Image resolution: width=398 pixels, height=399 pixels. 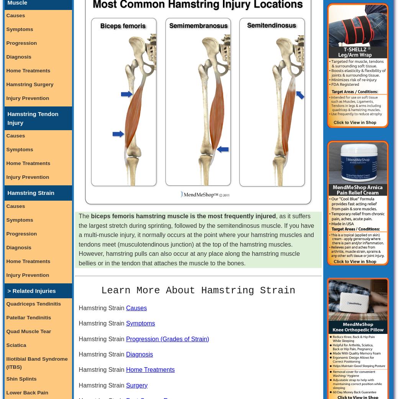 I want to click on 'Sciatica', so click(x=15, y=344).